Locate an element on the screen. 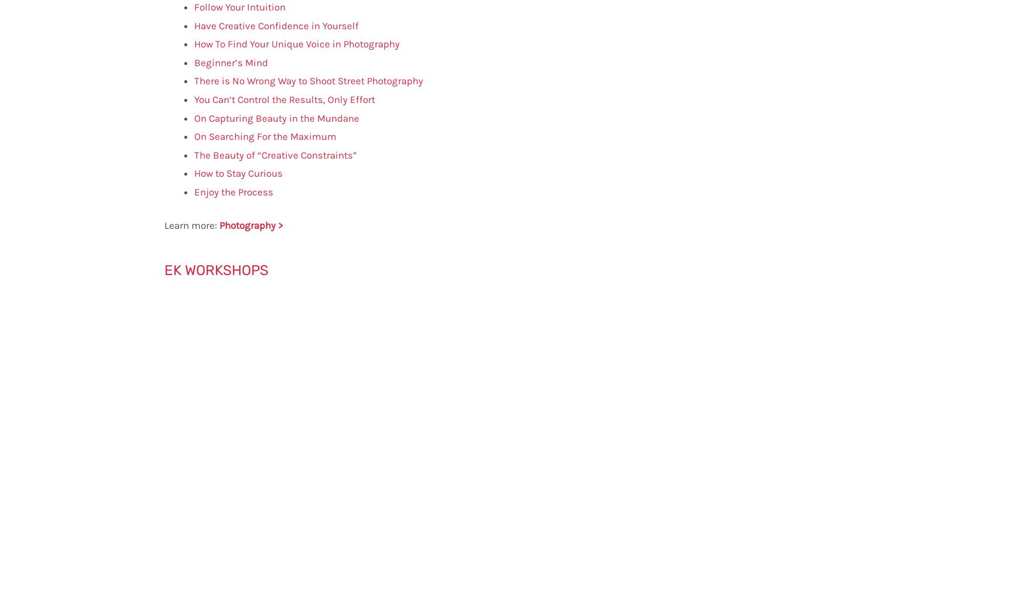  'You Can’t Control the Results, Only Effort' is located at coordinates (284, 98).